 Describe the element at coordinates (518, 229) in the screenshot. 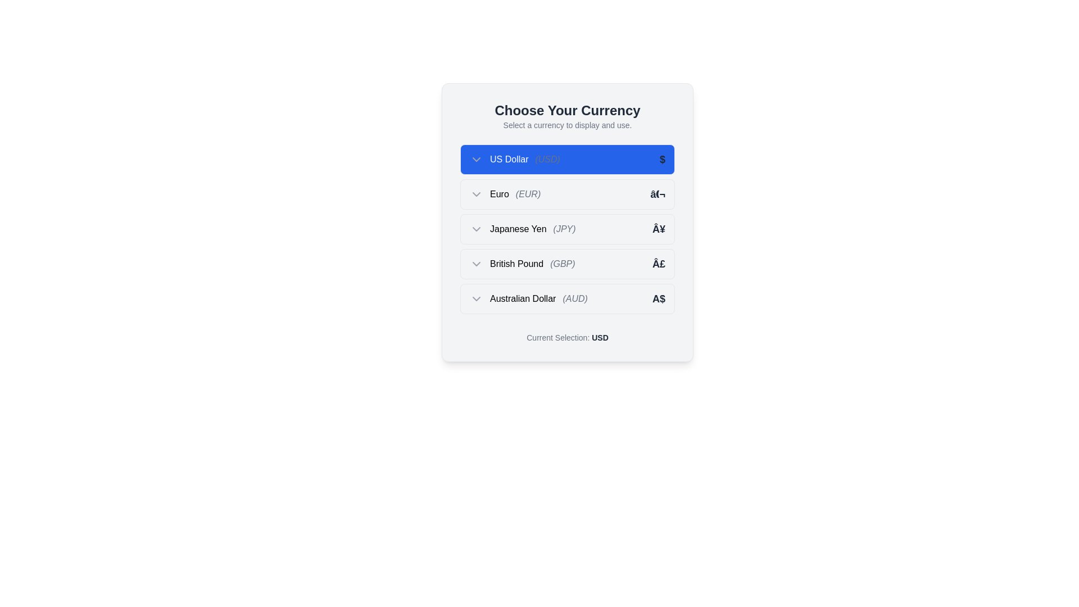

I see `the 'Japanese Yen' text label, which is part of a list of selectable currencies and is located below the 'Choose Your Currency' title` at that location.